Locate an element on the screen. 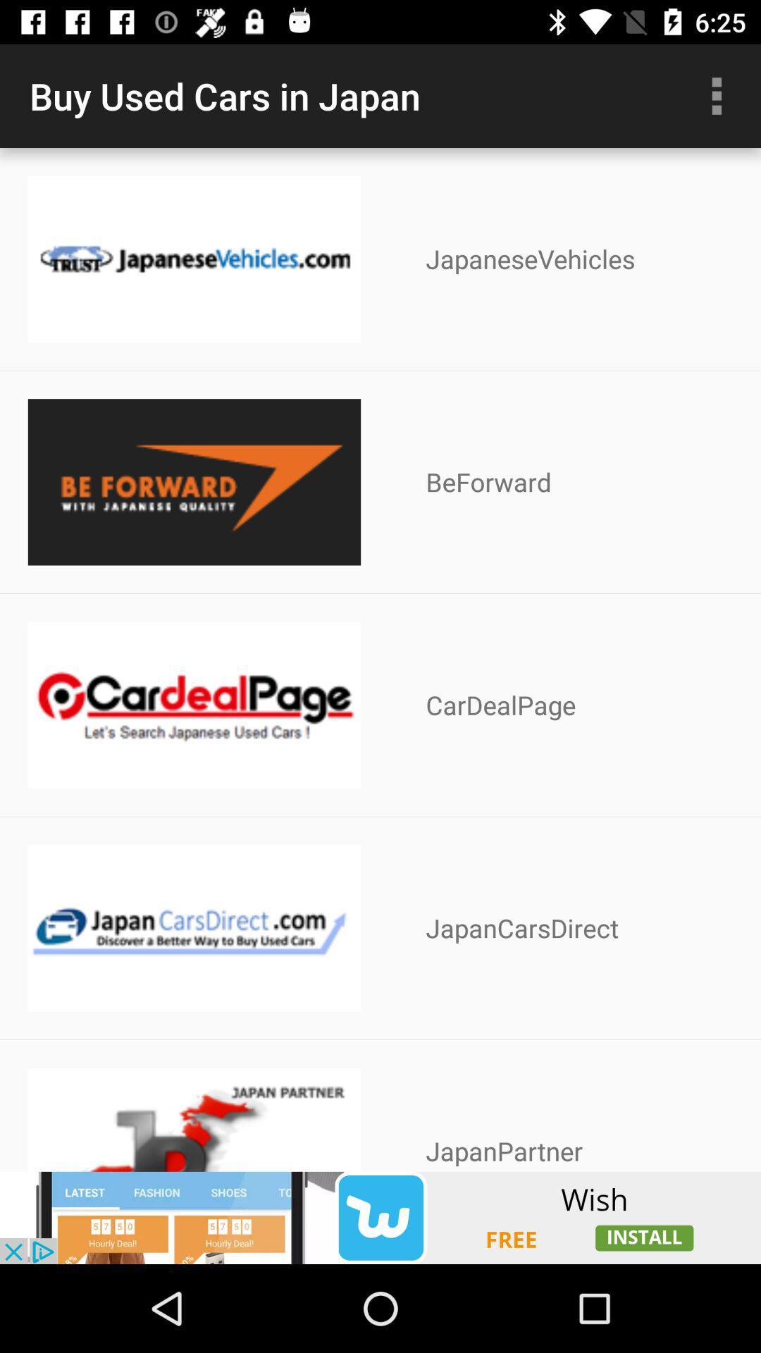 The width and height of the screenshot is (761, 1353). download app is located at coordinates (380, 1217).